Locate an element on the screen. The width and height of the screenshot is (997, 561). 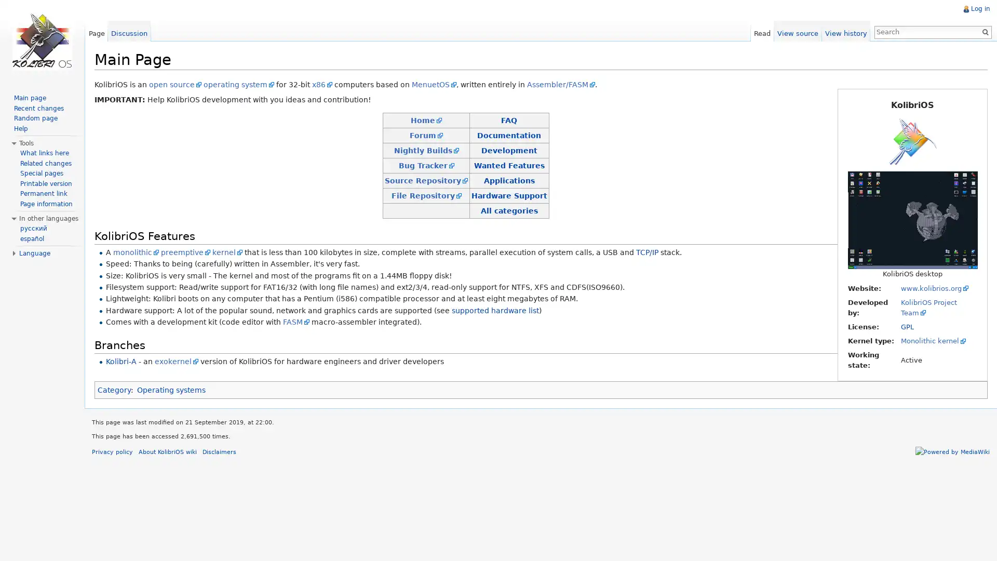
In other languages is located at coordinates (48, 218).